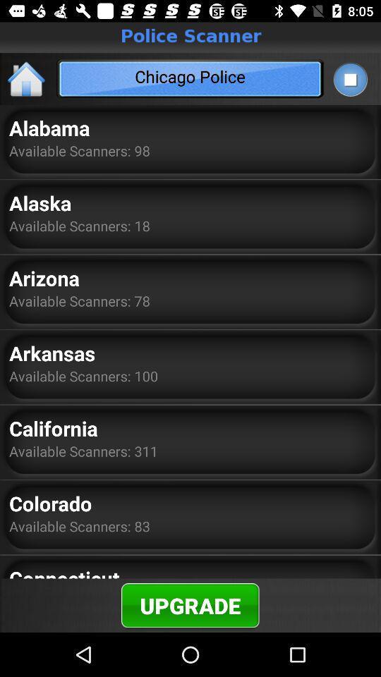 This screenshot has width=381, height=677. I want to click on the icon above the available scanners: 311 icon, so click(52, 427).